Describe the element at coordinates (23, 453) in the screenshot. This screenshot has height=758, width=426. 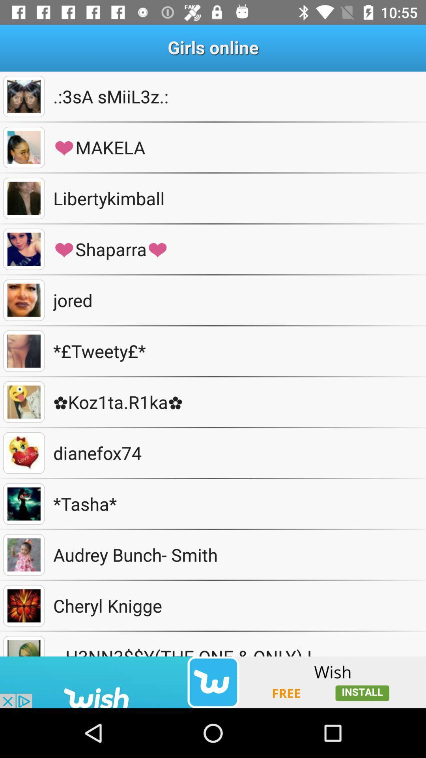
I see `see the profile` at that location.